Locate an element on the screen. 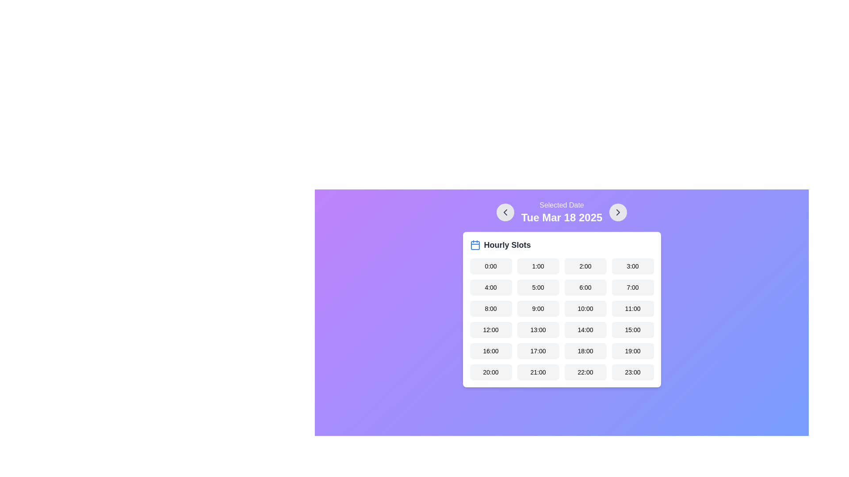 Image resolution: width=849 pixels, height=477 pixels. the left-pointing chevron icon within the circular button at the top-left corner of the interface is located at coordinates (505, 212).